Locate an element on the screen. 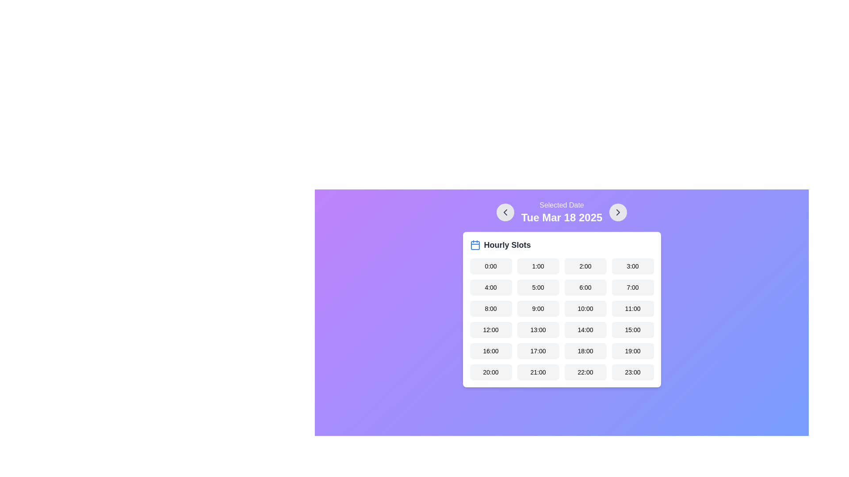 Image resolution: width=849 pixels, height=477 pixels. the left-pointing chevron icon within the circular button at the top-left corner of the interface is located at coordinates (505, 212).